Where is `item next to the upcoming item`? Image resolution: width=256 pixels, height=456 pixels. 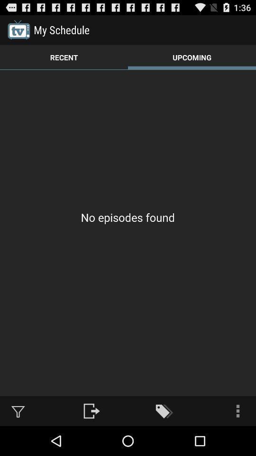 item next to the upcoming item is located at coordinates (64, 57).